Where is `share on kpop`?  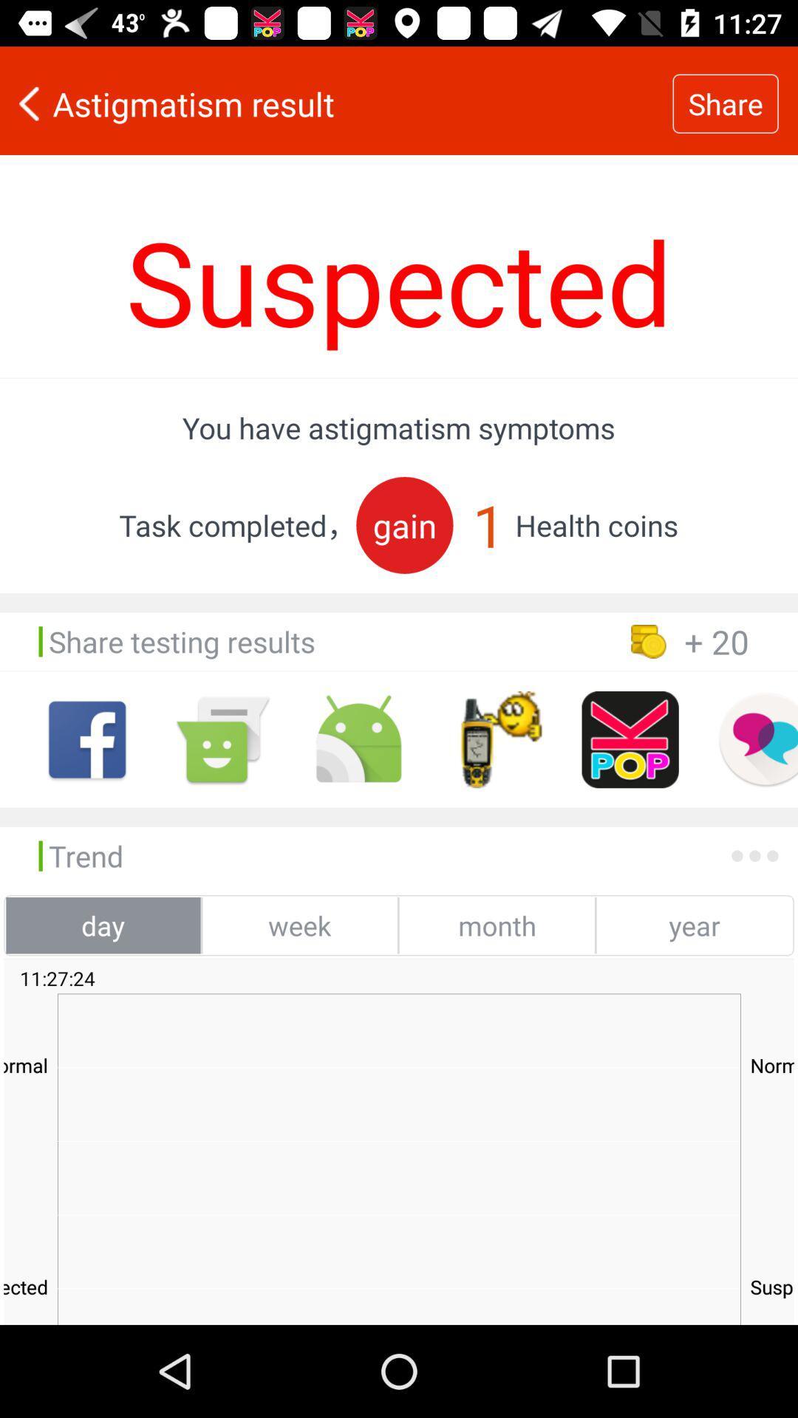 share on kpop is located at coordinates (630, 739).